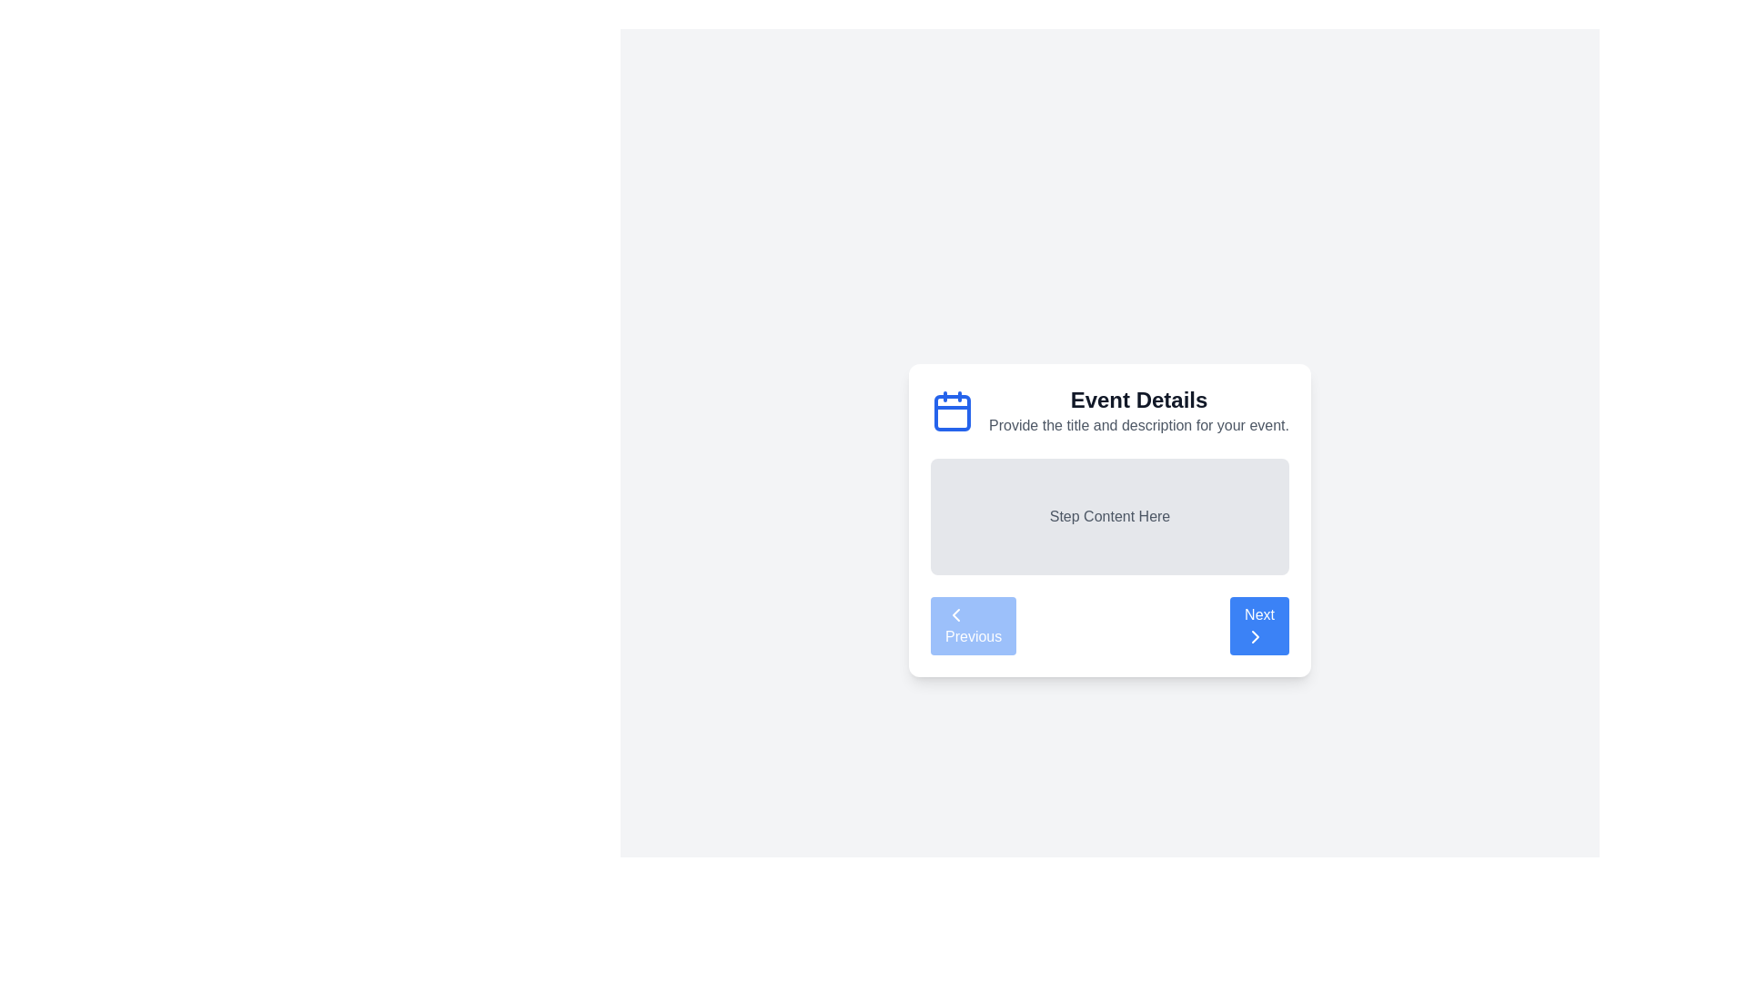  I want to click on the 'Event Details' text-based informational component, which includes a bold heading and a description text, located in the upper-central area of the card interface, to the right of a calendar icon, so click(1138, 410).